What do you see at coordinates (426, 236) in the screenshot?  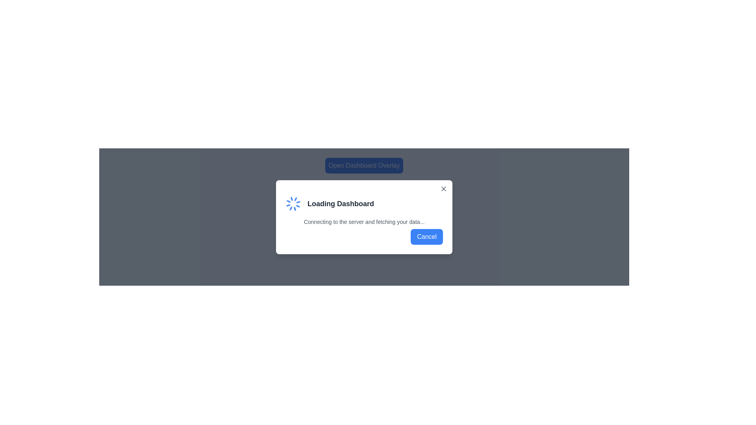 I see `the 'Cancel' button, which is a rectangular button with rounded corners, blue background, and white text, located at the bottom-right corner of the dialog box` at bounding box center [426, 236].